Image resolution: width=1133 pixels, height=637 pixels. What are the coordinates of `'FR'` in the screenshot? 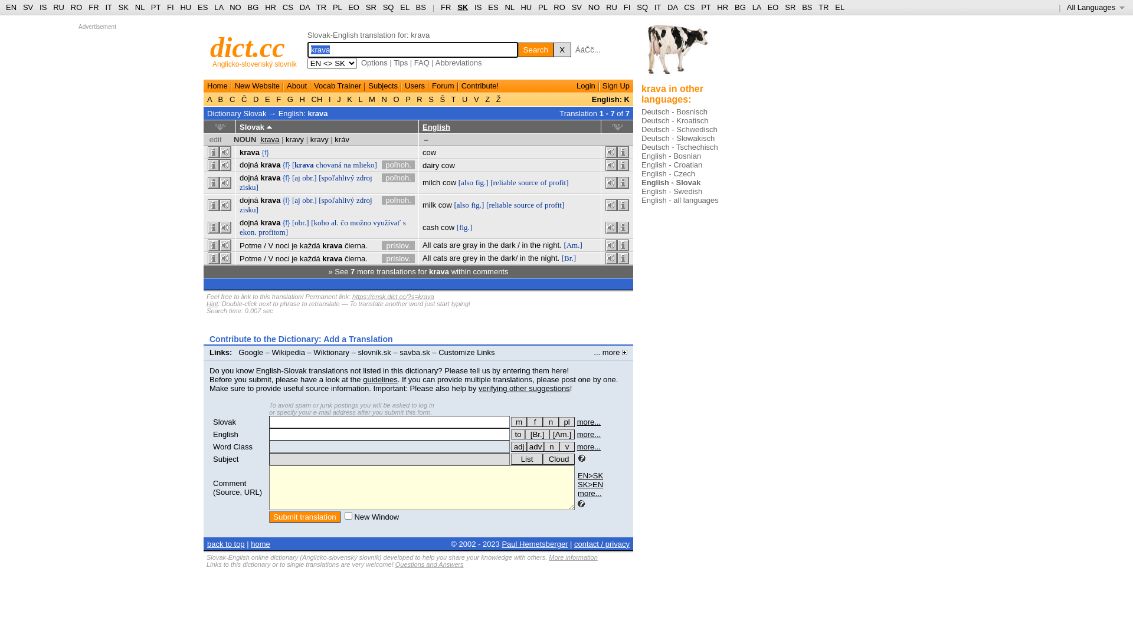 It's located at (445, 7).